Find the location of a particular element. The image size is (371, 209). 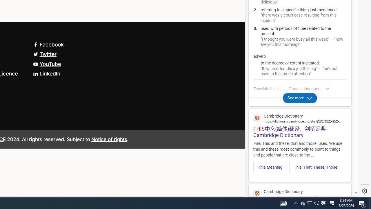

'See more' is located at coordinates (300, 98).